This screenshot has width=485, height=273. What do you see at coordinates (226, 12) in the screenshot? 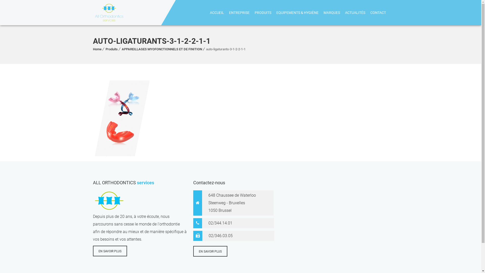
I see `'ENTREPRISE'` at bounding box center [226, 12].